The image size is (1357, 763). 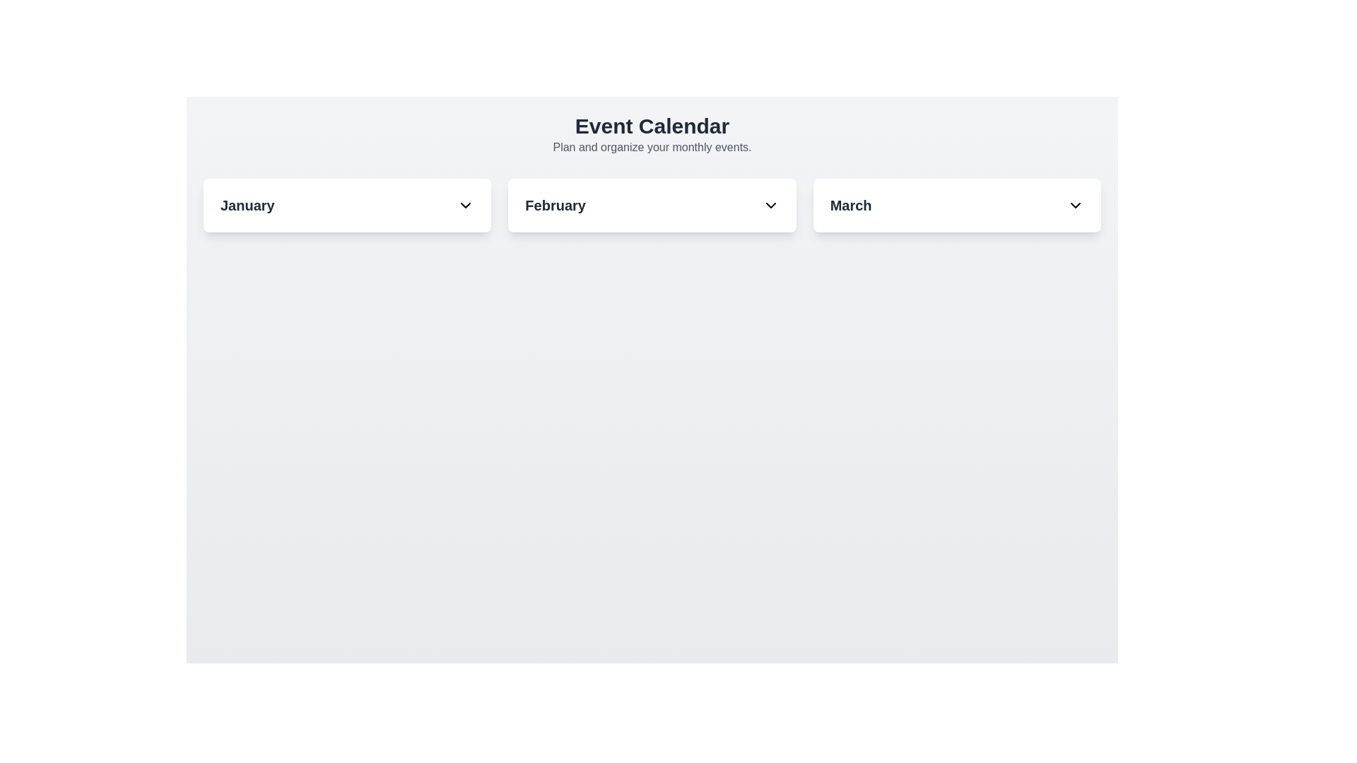 I want to click on the bold text label displaying 'February', so click(x=555, y=205).